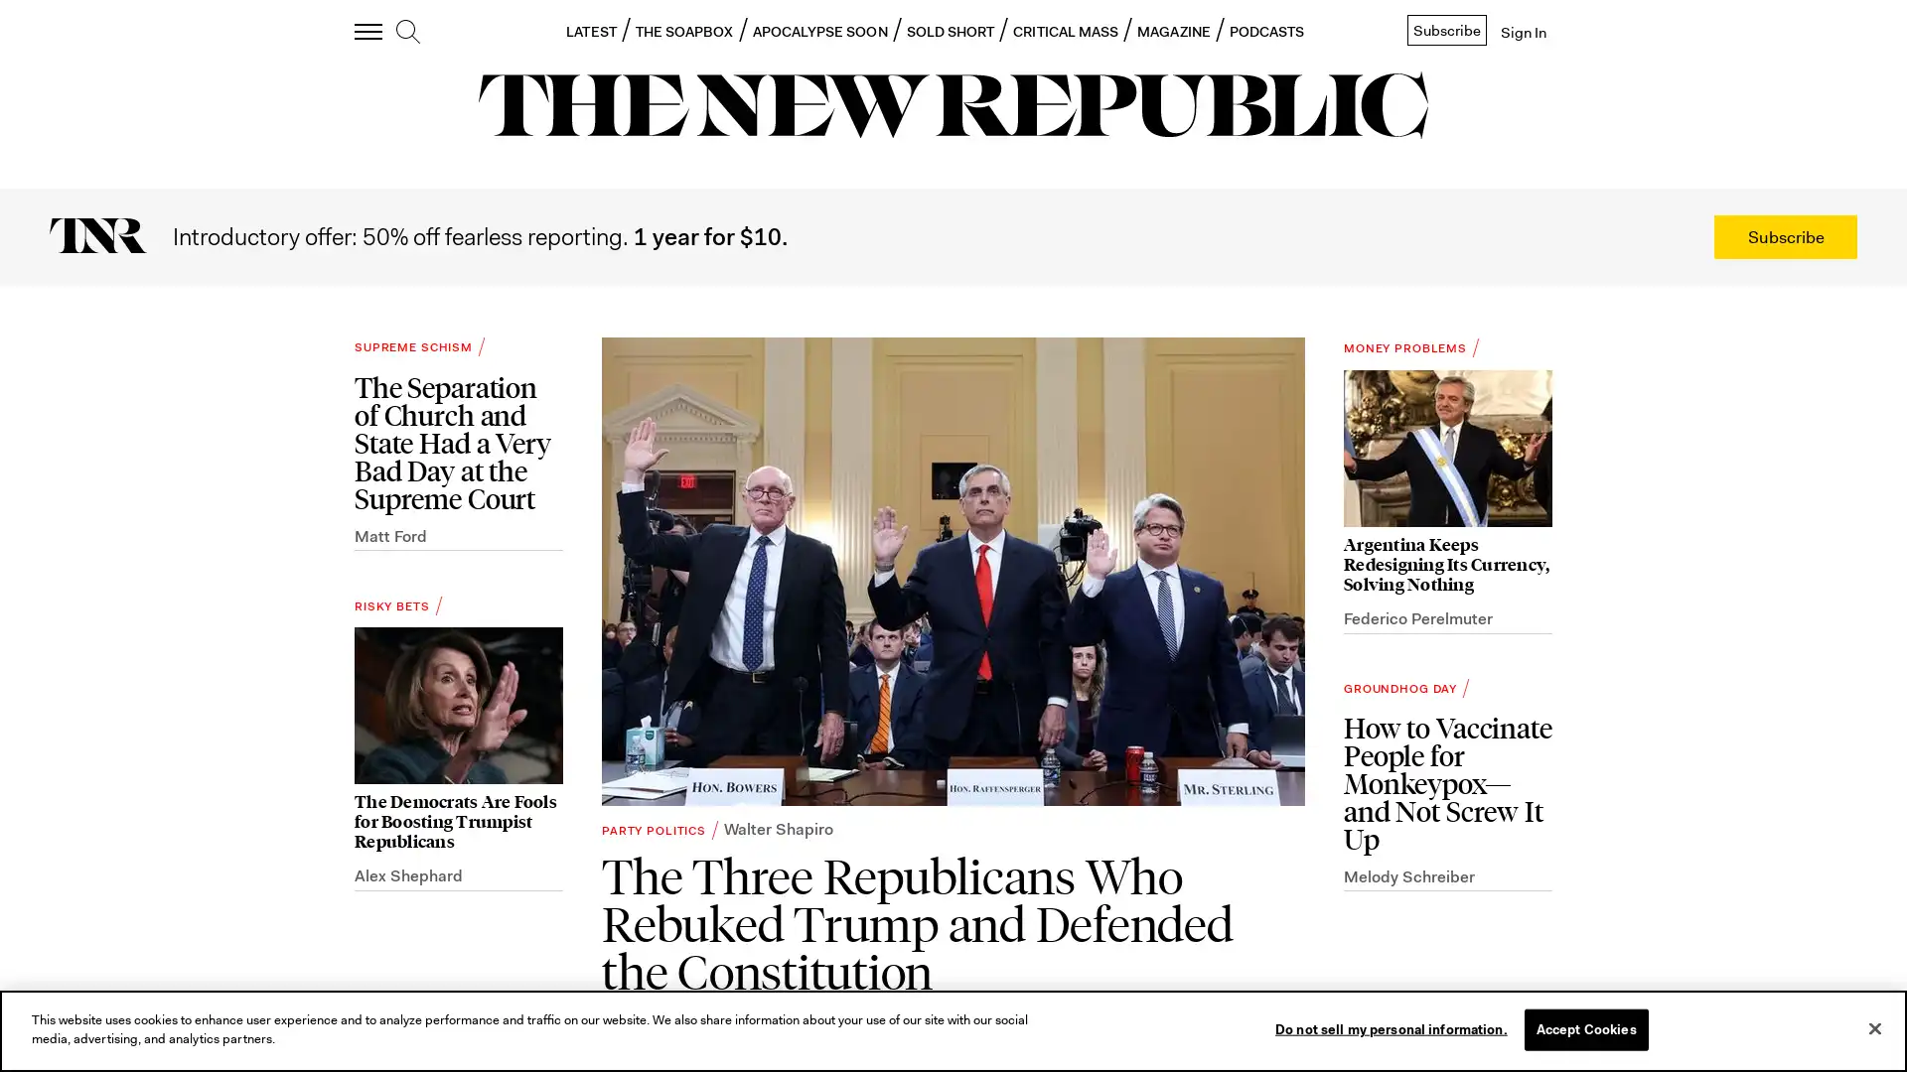  Describe the element at coordinates (1445, 30) in the screenshot. I see `Subscribe` at that location.